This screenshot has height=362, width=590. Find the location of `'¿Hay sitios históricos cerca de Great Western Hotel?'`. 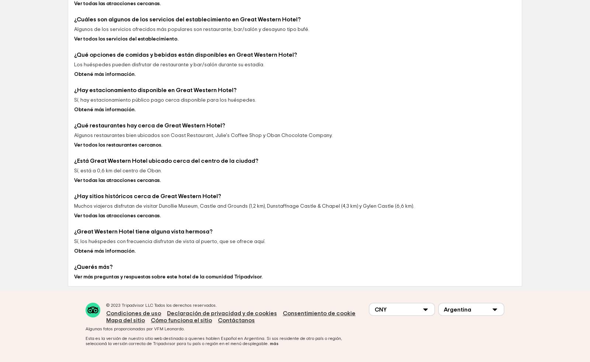

'¿Hay sitios históricos cerca de Great Western Hotel?' is located at coordinates (147, 247).